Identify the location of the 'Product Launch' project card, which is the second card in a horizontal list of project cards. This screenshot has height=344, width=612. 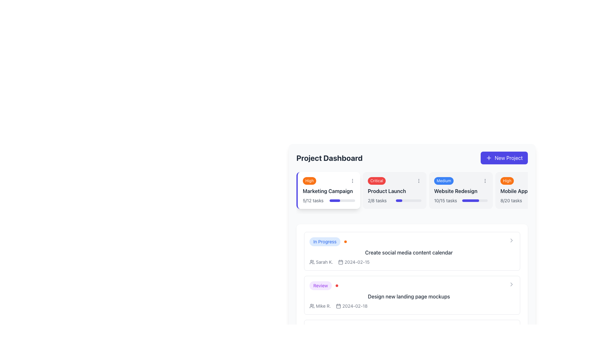
(412, 183).